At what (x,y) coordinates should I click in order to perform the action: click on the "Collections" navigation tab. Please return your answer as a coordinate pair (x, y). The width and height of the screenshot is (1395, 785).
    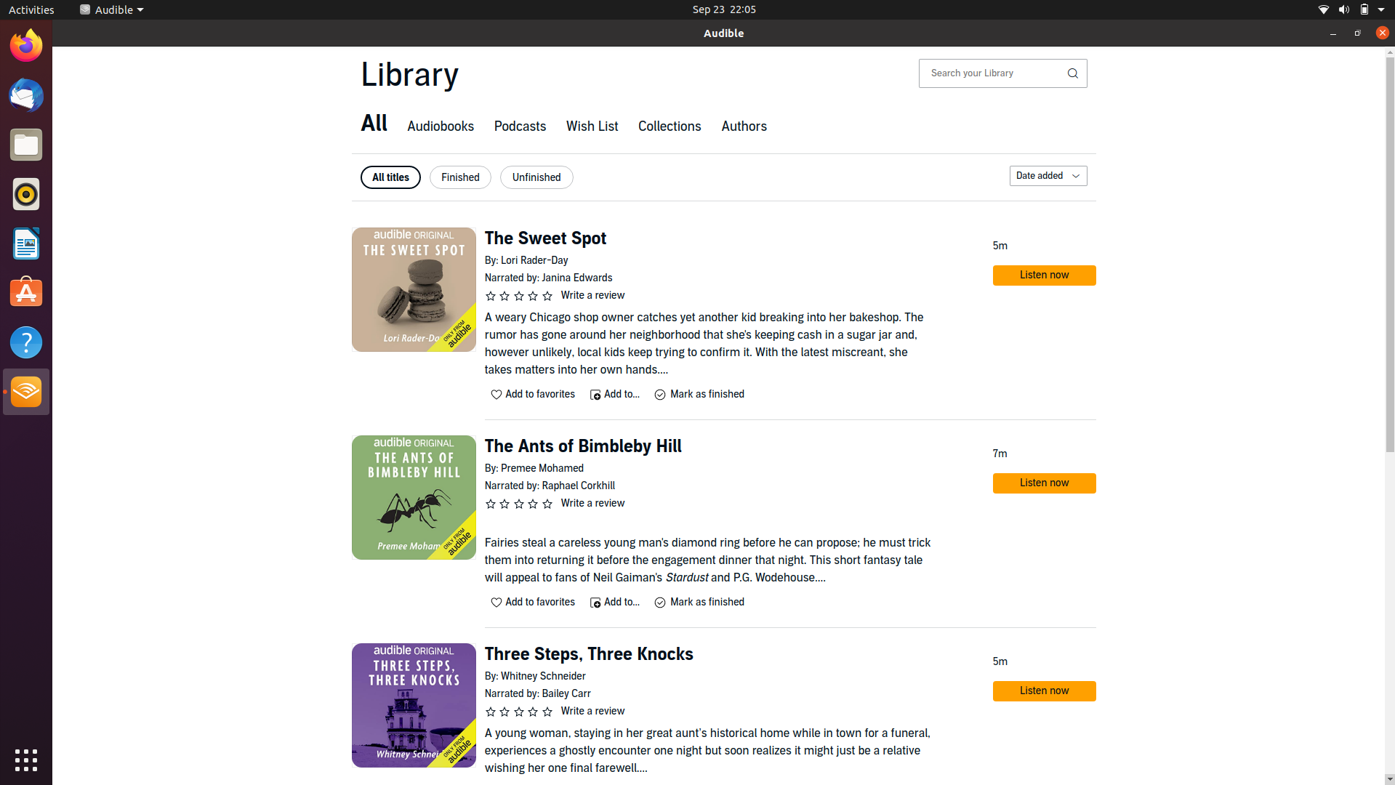
    Looking at the image, I should click on (668, 127).